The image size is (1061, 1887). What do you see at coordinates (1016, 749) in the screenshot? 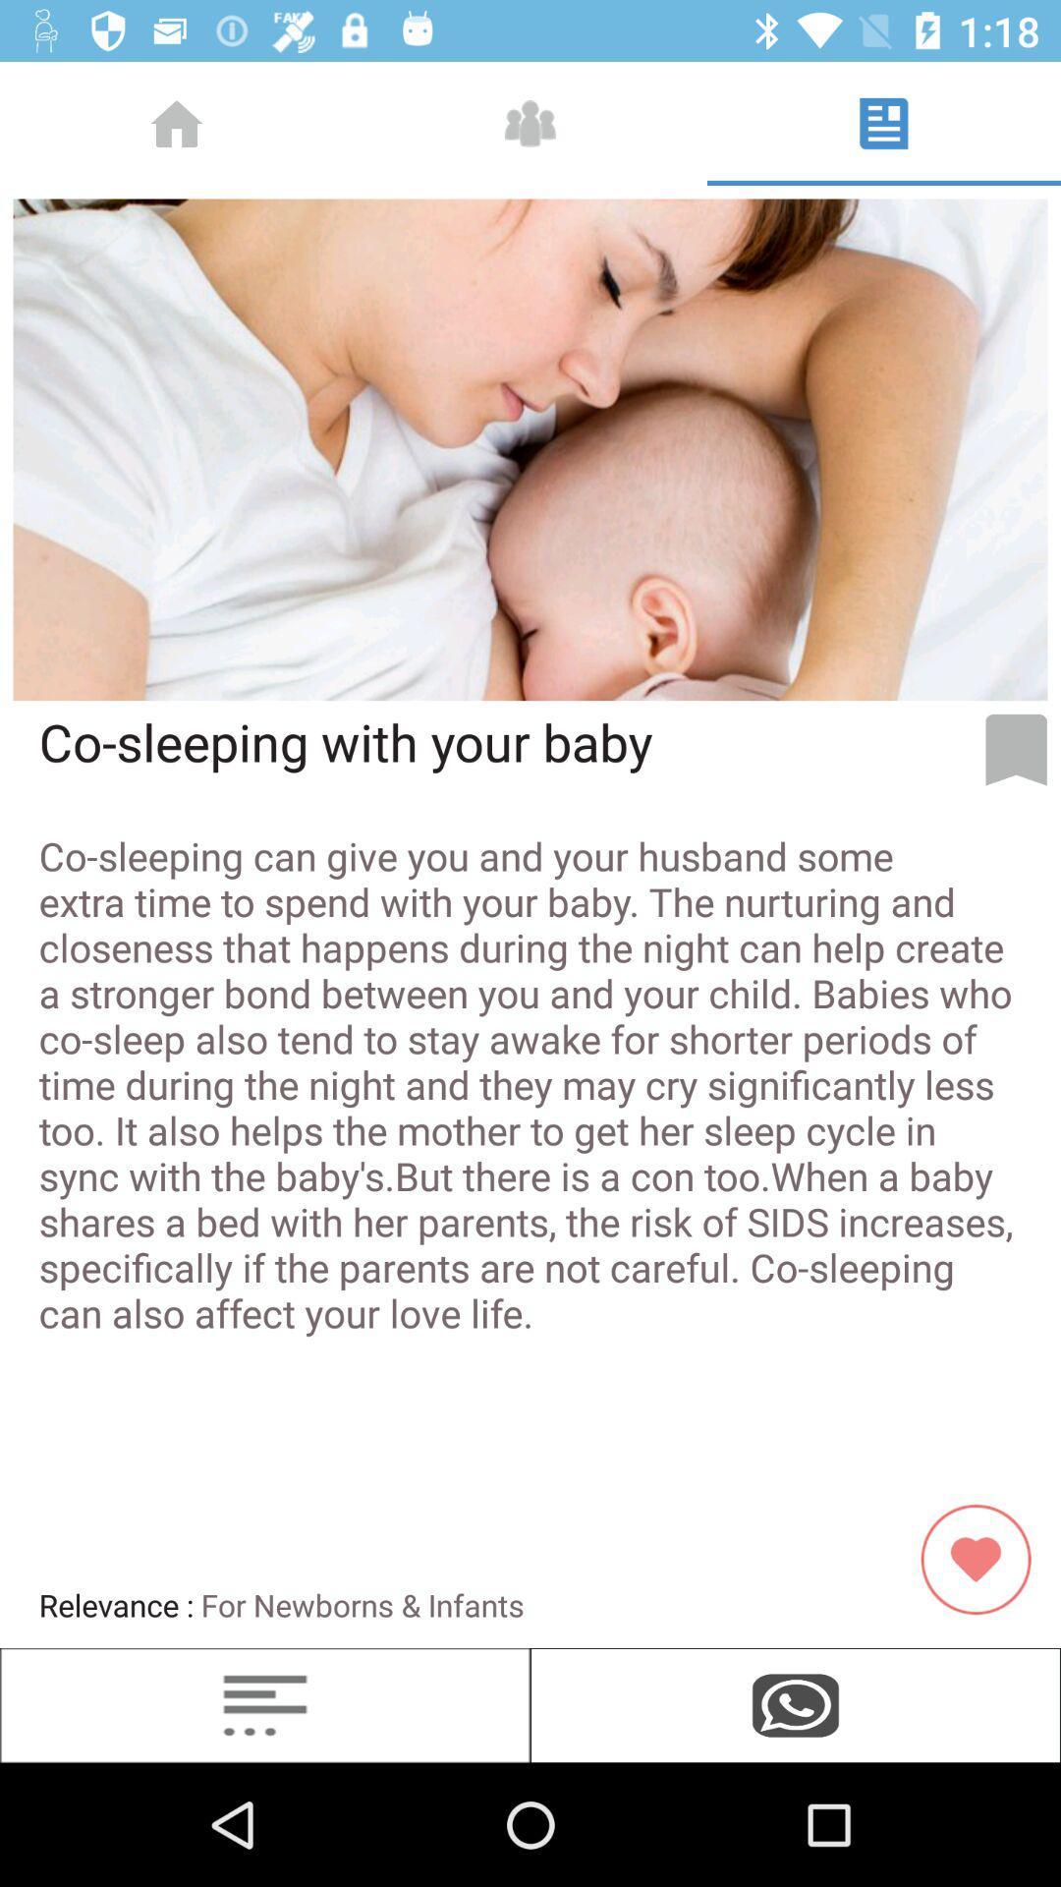
I see `the save icon` at bounding box center [1016, 749].